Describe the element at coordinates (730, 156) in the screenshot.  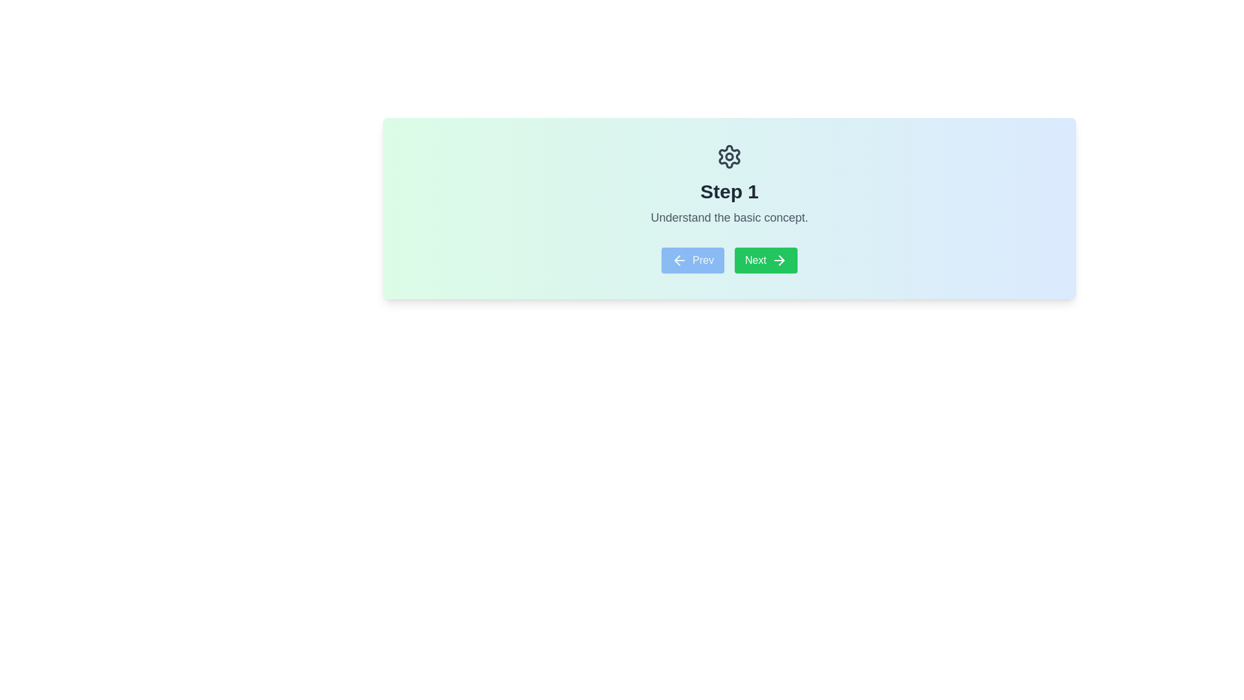
I see `the small circular shape located in the center of the gear-like icon, which is positioned above the text 'Step 1' and 'Understand the basic concept.'` at that location.